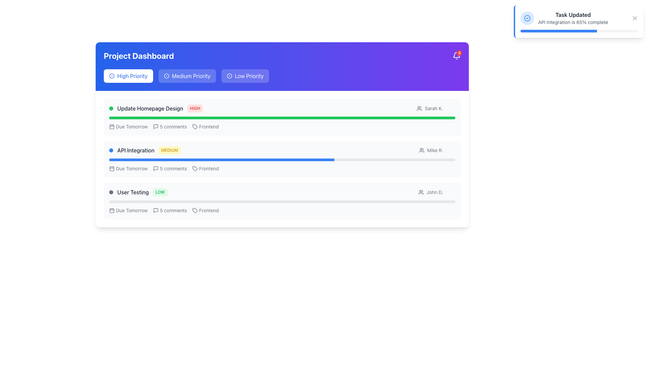 The width and height of the screenshot is (649, 365). Describe the element at coordinates (282, 76) in the screenshot. I see `the 'Low Priority' button in the button group` at that location.